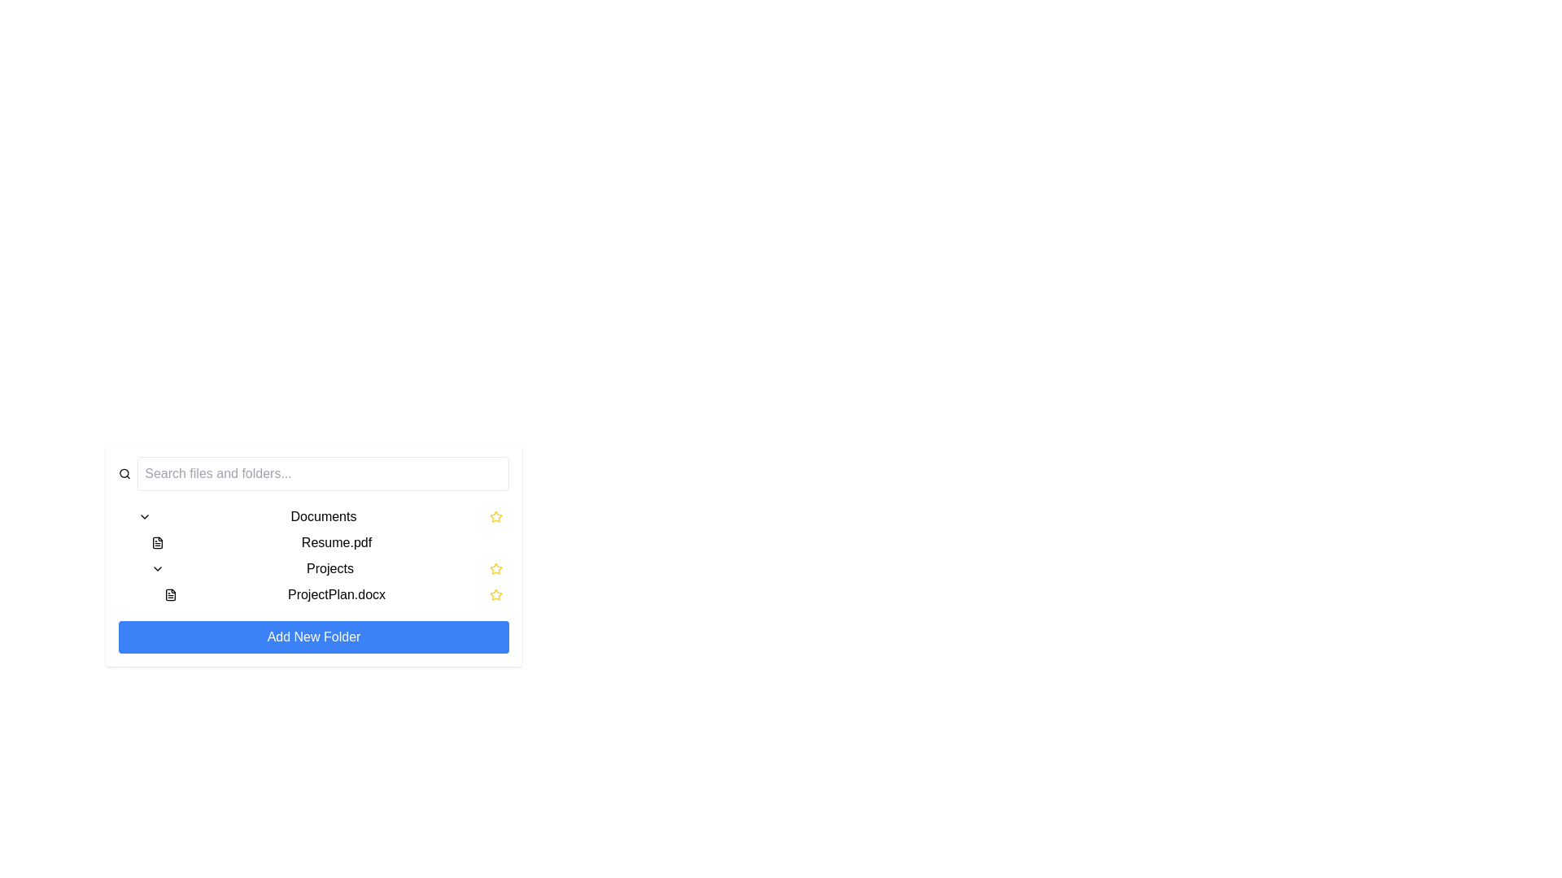  I want to click on the graphical icon representing 'ProjectPlan.docx' in the list interface, so click(171, 595).